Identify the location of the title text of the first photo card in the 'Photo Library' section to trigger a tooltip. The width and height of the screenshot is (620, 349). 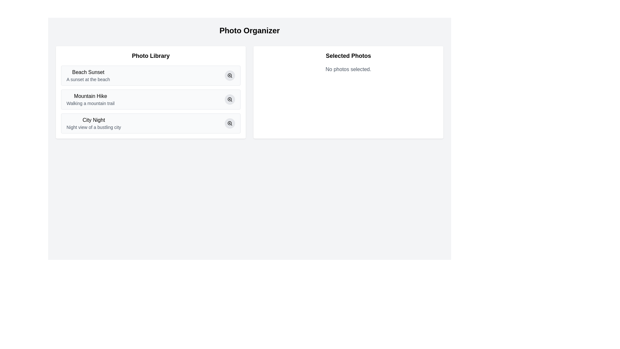
(88, 72).